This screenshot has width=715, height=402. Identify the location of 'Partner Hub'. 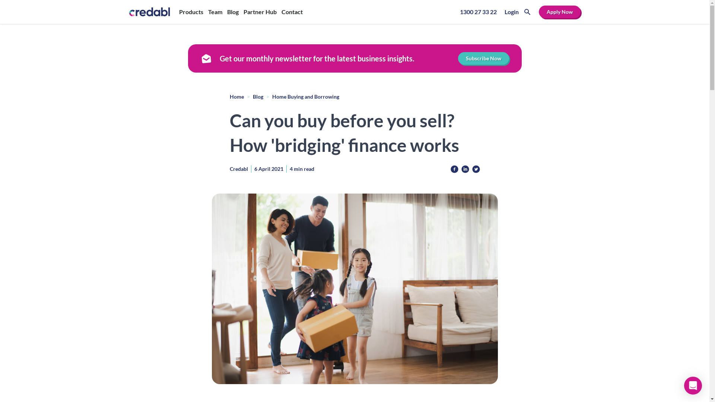
(260, 12).